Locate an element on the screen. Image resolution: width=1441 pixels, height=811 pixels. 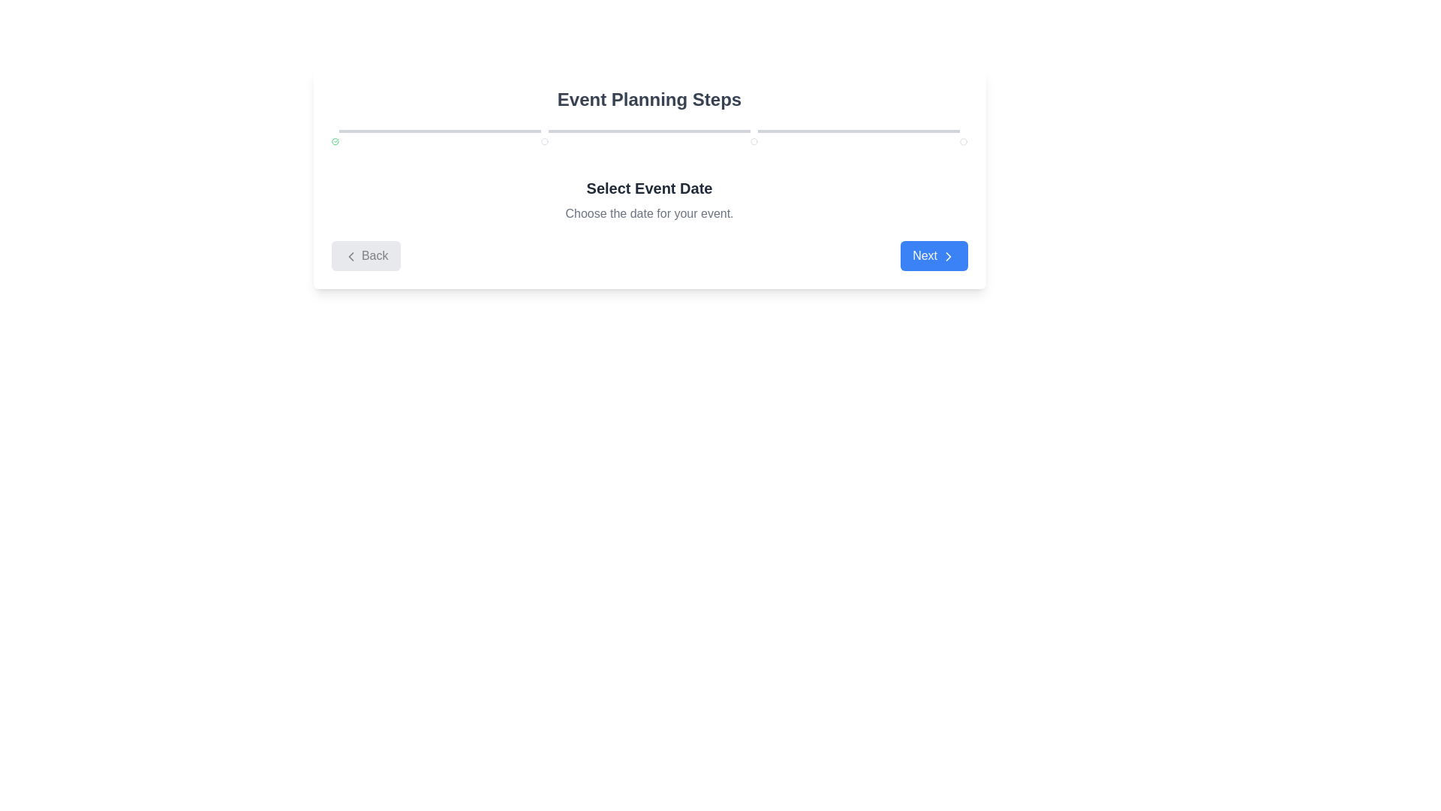
the design and presence of the Chevron Left icon located within the 'Back' button at the bottom left of the navigation interface is located at coordinates (350, 255).